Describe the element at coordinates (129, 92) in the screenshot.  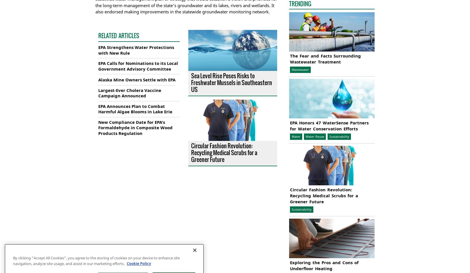
I see `'Largest-Ever Cholera Vaccine Campaign Announced'` at that location.